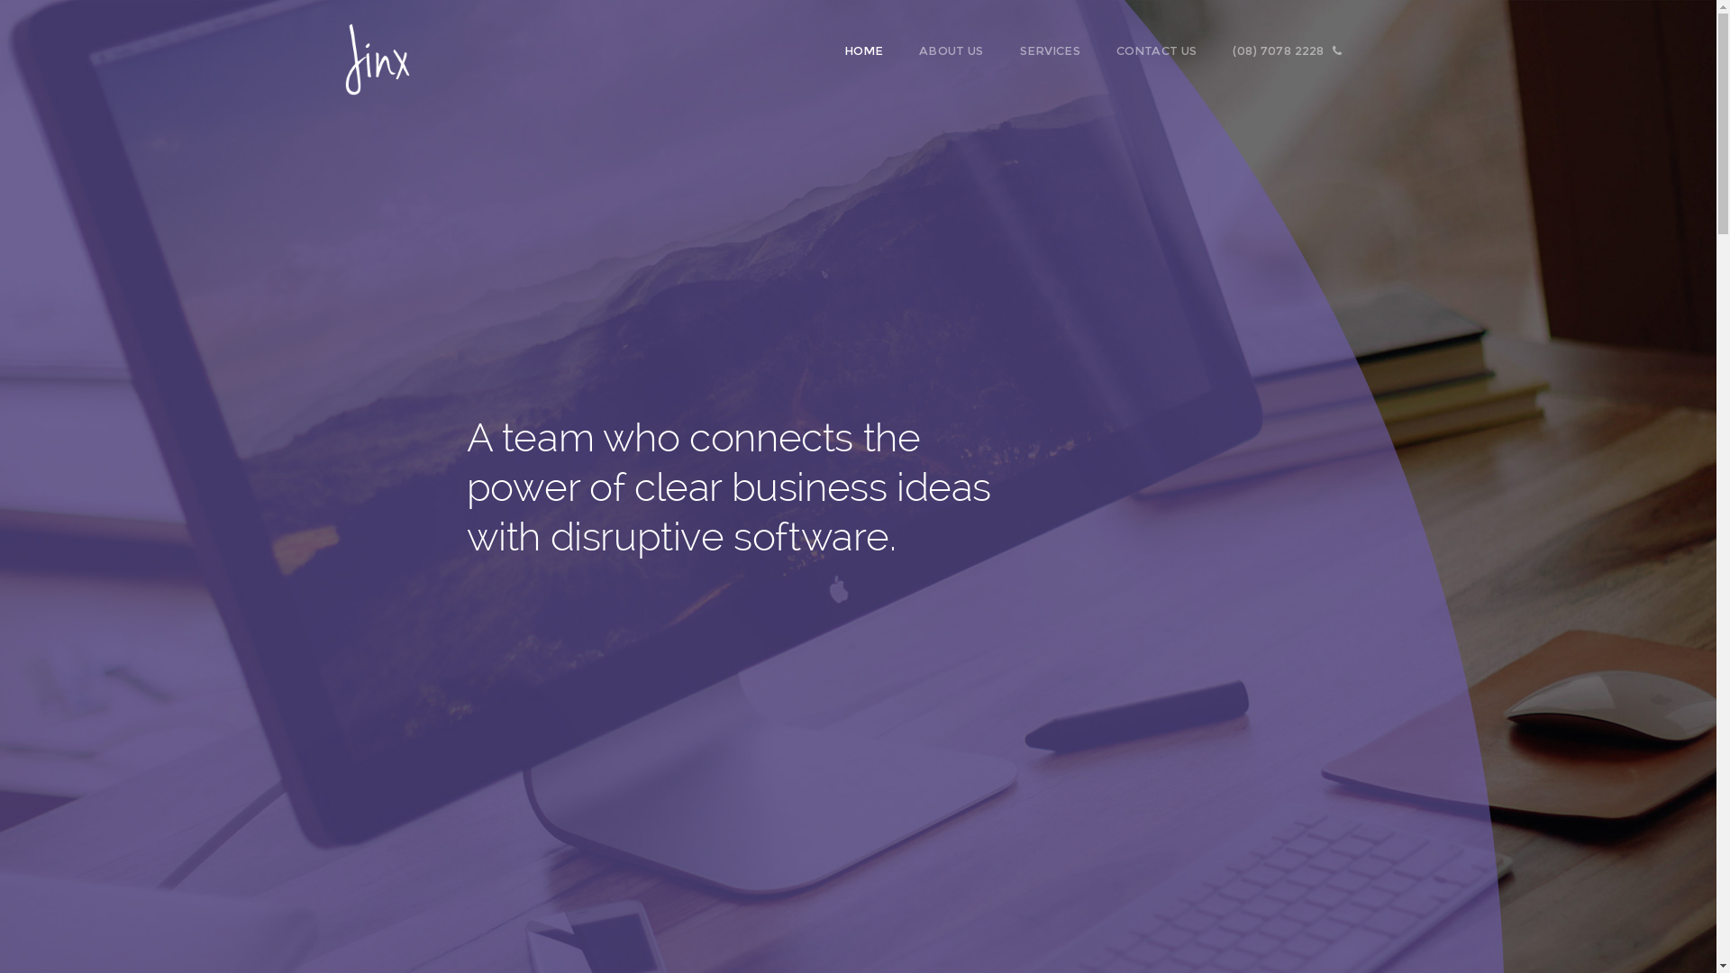 Image resolution: width=1730 pixels, height=973 pixels. I want to click on 'SERVICES', so click(1060, 50).